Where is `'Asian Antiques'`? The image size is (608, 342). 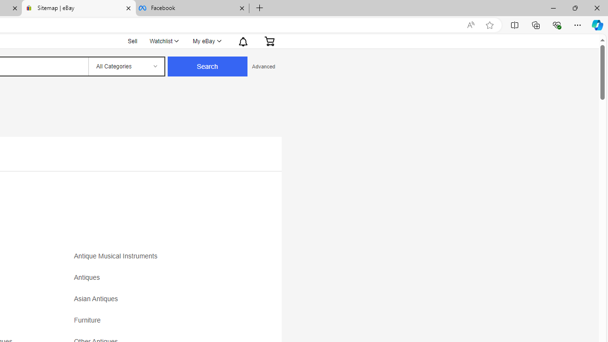
'Asian Antiques' is located at coordinates (158, 302).